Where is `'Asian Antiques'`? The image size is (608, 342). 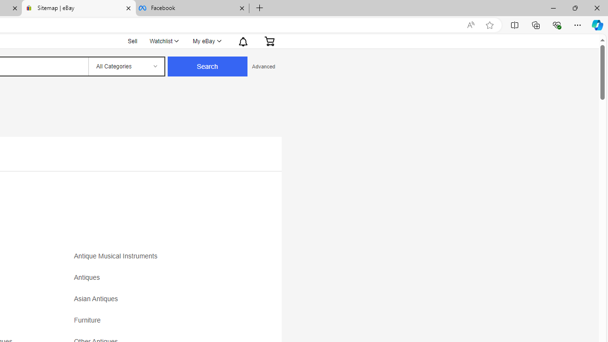
'Asian Antiques' is located at coordinates (158, 302).